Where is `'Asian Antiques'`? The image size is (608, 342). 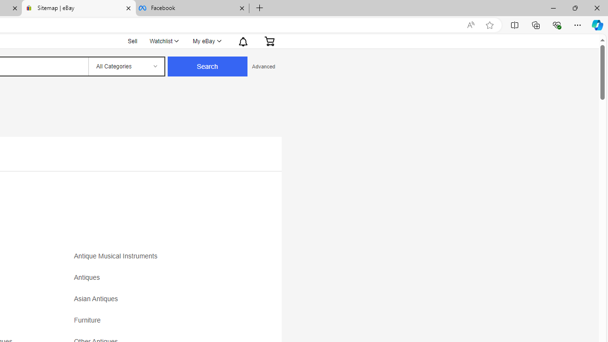
'Asian Antiques' is located at coordinates (158, 302).